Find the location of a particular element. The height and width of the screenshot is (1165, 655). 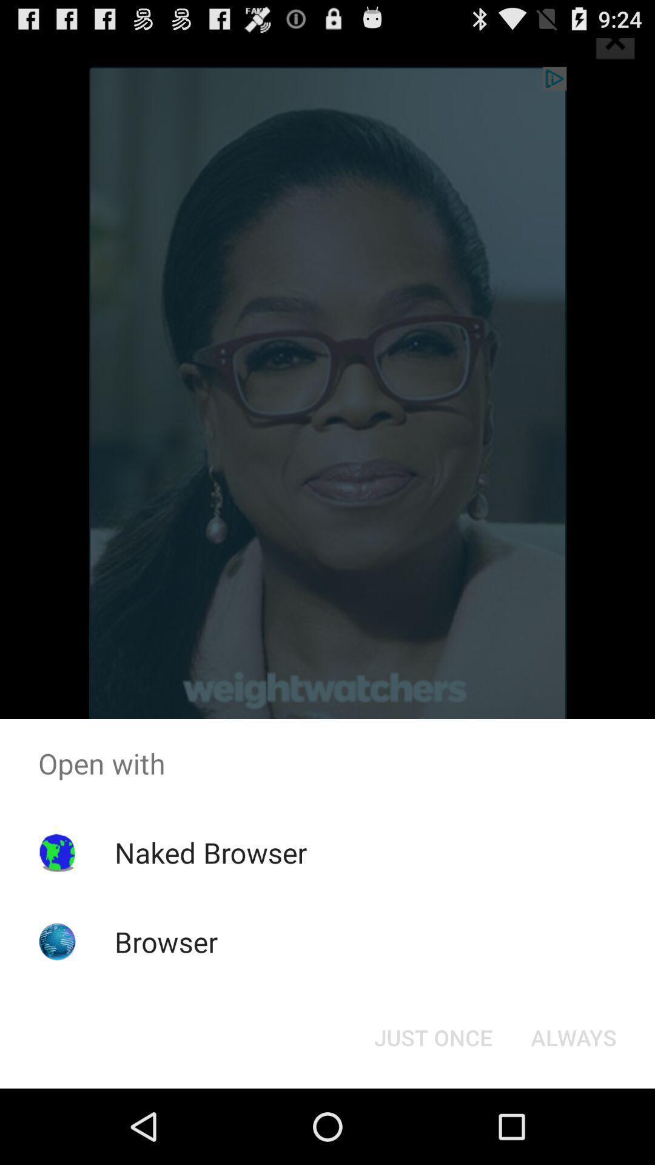

just once item is located at coordinates (432, 1036).